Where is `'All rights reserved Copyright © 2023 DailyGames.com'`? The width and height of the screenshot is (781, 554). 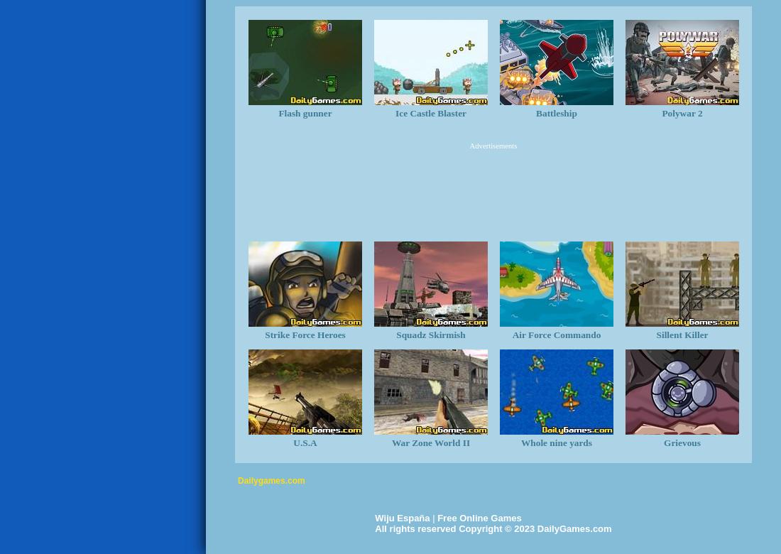 'All rights reserved Copyright © 2023 DailyGames.com' is located at coordinates (375, 528).